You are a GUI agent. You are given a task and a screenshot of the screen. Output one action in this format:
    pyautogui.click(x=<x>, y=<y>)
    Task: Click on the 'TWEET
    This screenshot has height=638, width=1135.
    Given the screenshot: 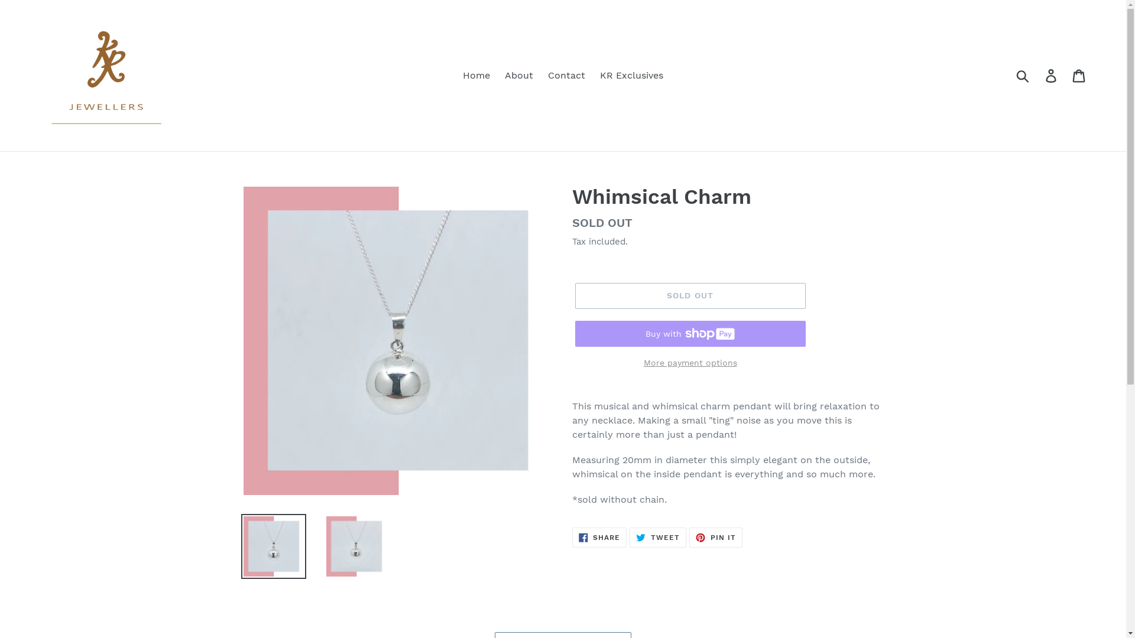 What is the action you would take?
    pyautogui.click(x=657, y=538)
    